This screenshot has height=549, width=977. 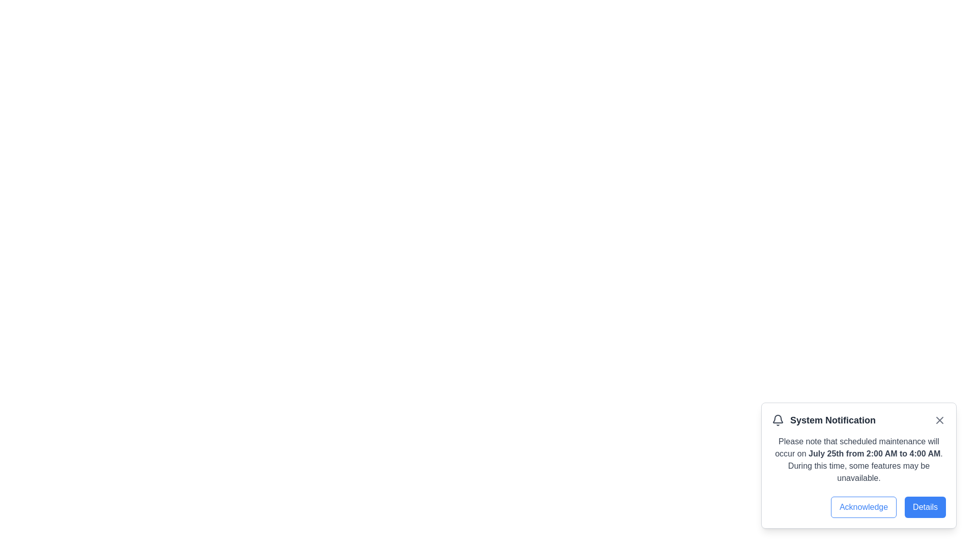 I want to click on the bell notification icon, which is a dark gray, outlined bell-shaped icon located to the left of the 'System Notification' text, so click(x=778, y=420).